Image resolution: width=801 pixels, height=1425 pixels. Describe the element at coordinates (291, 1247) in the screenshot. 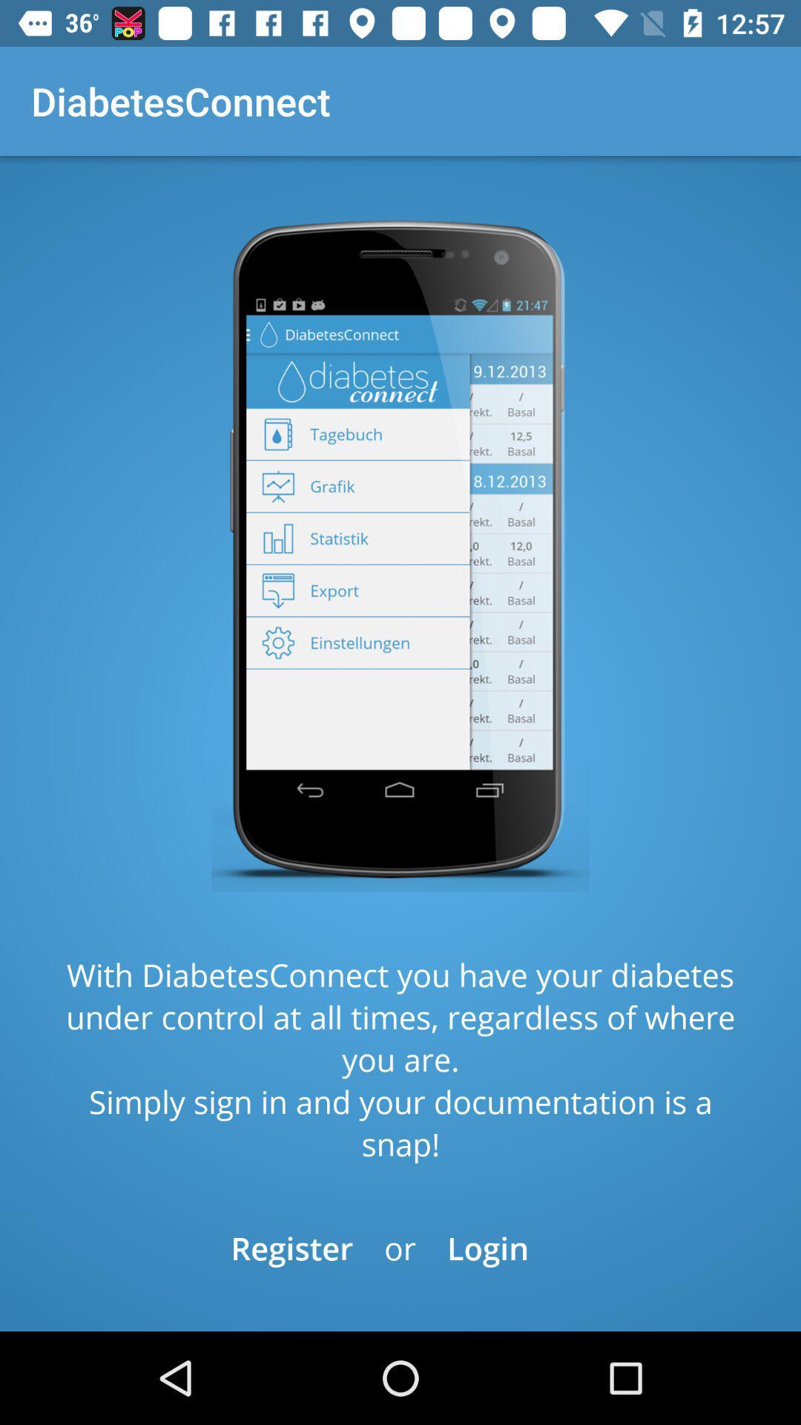

I see `the item next to the or` at that location.